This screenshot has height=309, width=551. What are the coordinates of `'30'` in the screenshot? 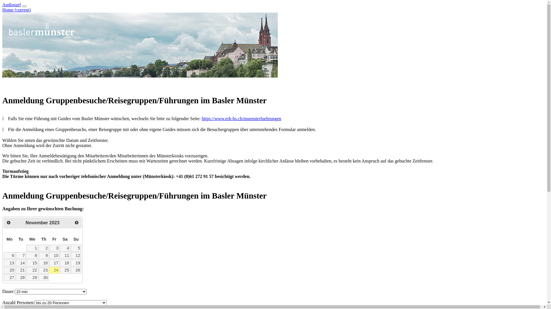 It's located at (43, 277).